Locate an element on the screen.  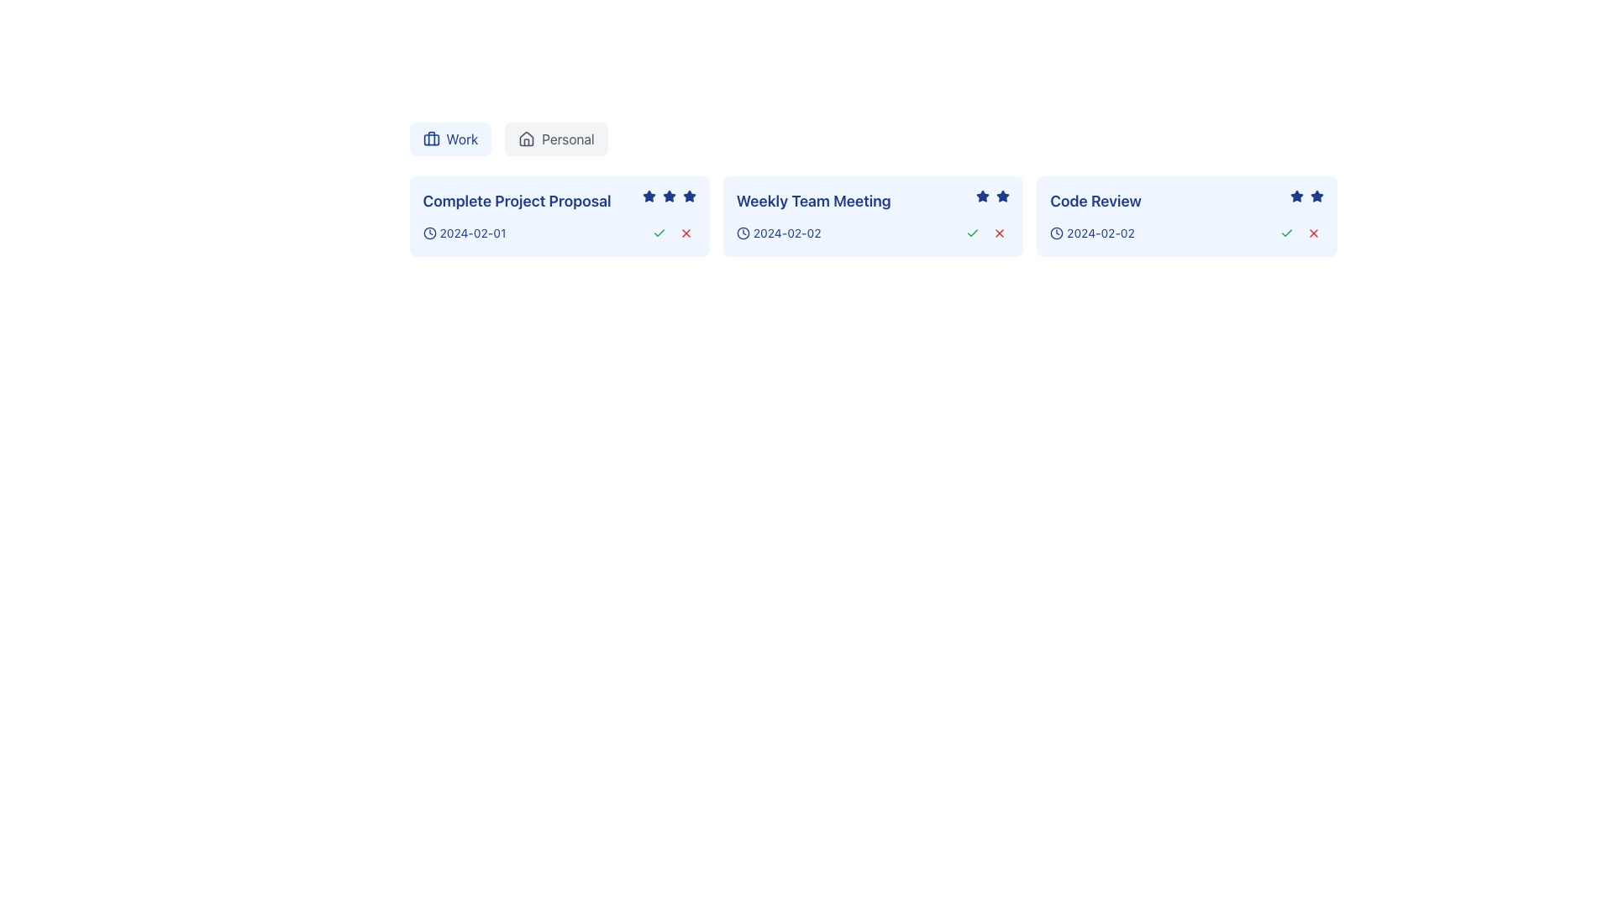
the clock icon that indicates the deadline associated with the date '2024-02-02' next to the 'Code Review' item in the third column is located at coordinates (1056, 233).